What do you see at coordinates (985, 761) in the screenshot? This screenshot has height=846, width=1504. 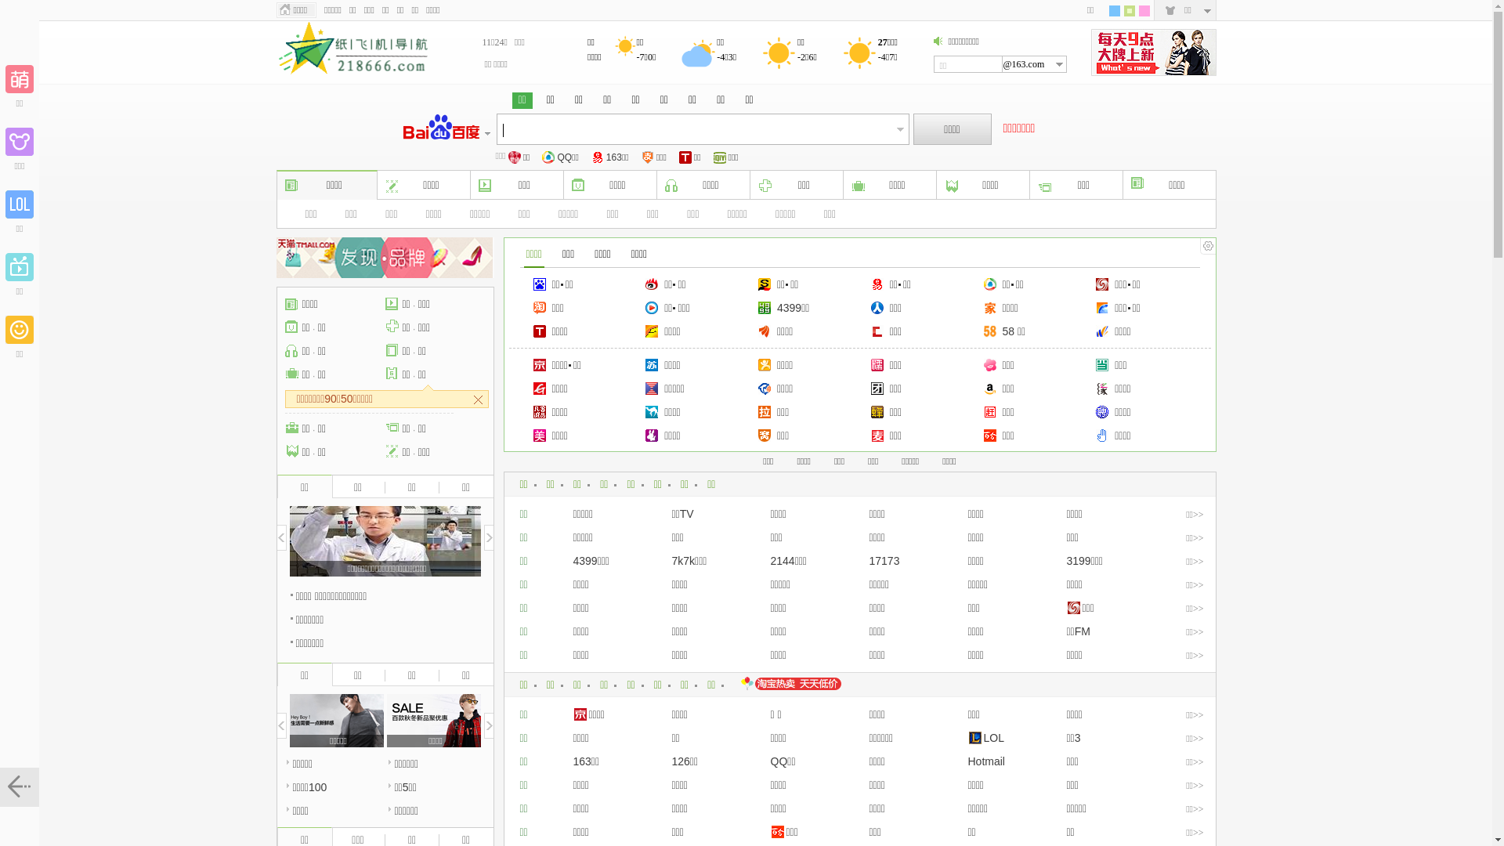 I see `'Hotmail'` at bounding box center [985, 761].